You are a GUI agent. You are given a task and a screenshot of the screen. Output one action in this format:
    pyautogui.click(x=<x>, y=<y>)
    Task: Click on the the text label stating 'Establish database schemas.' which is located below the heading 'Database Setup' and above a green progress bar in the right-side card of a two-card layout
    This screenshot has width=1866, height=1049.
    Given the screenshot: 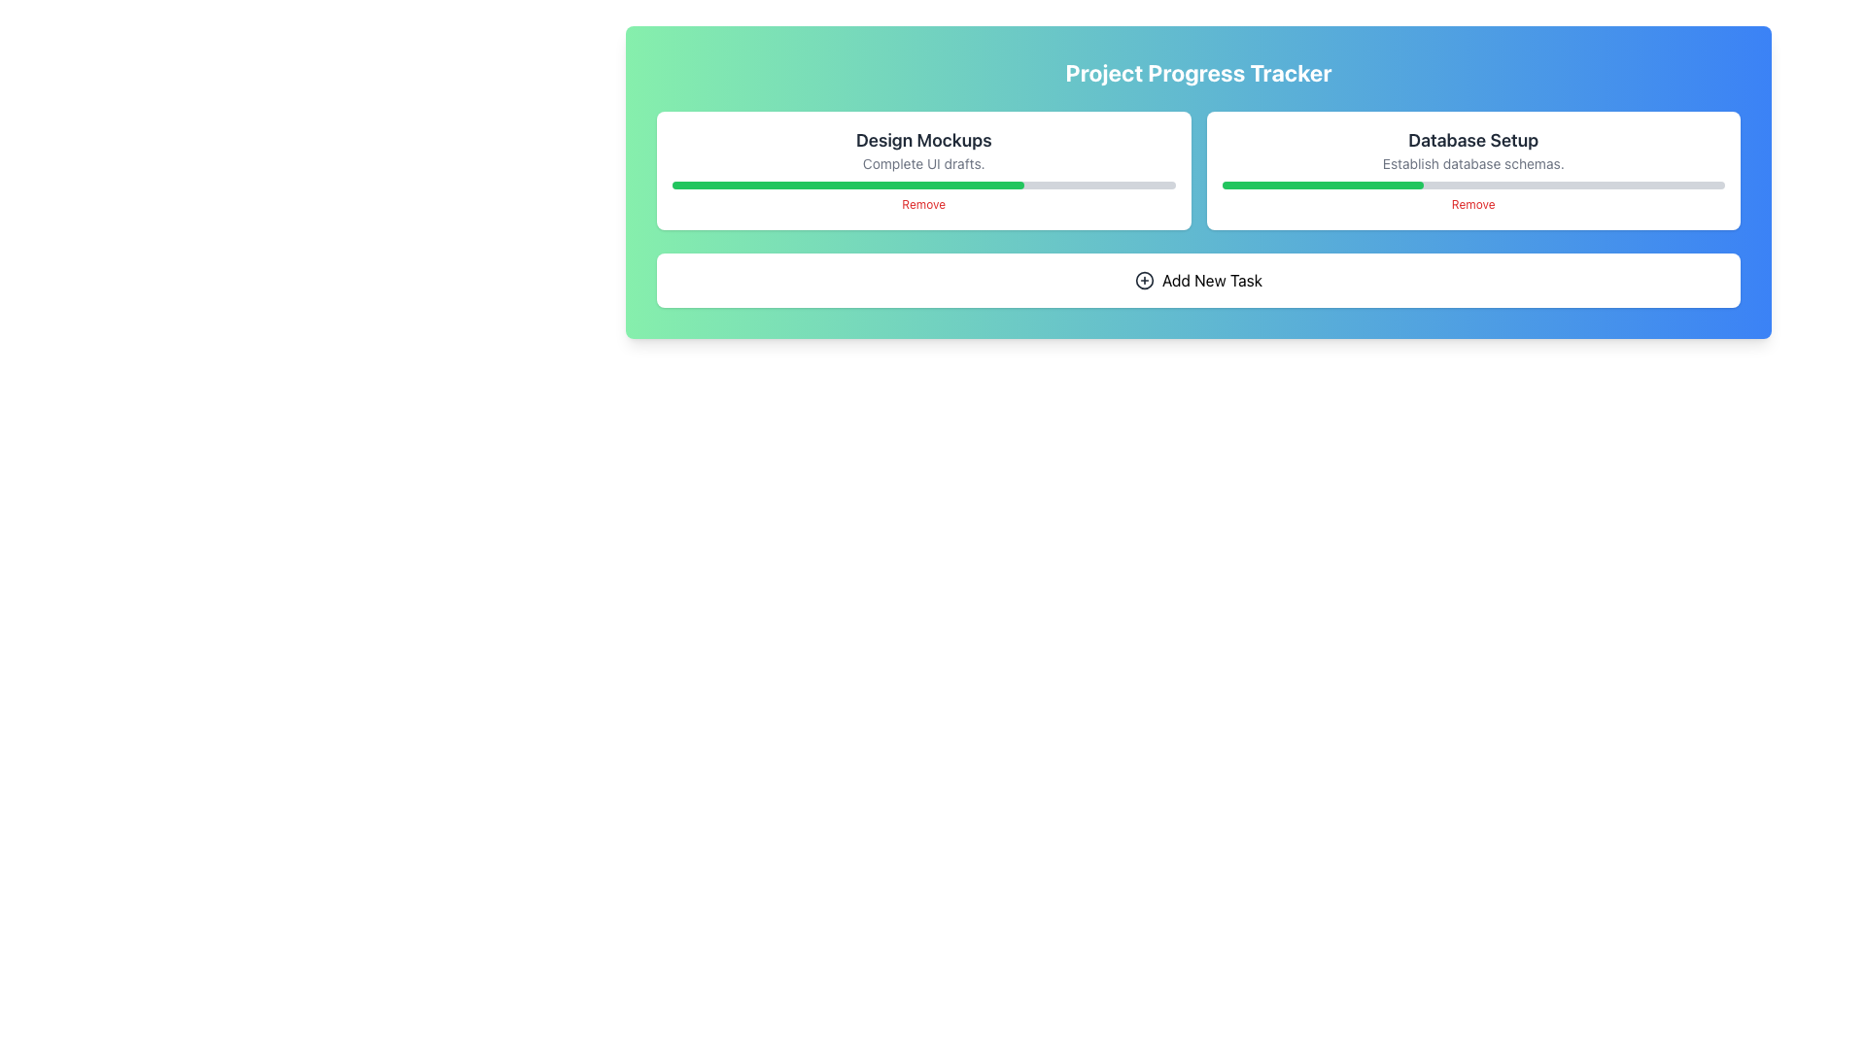 What is the action you would take?
    pyautogui.click(x=1473, y=163)
    